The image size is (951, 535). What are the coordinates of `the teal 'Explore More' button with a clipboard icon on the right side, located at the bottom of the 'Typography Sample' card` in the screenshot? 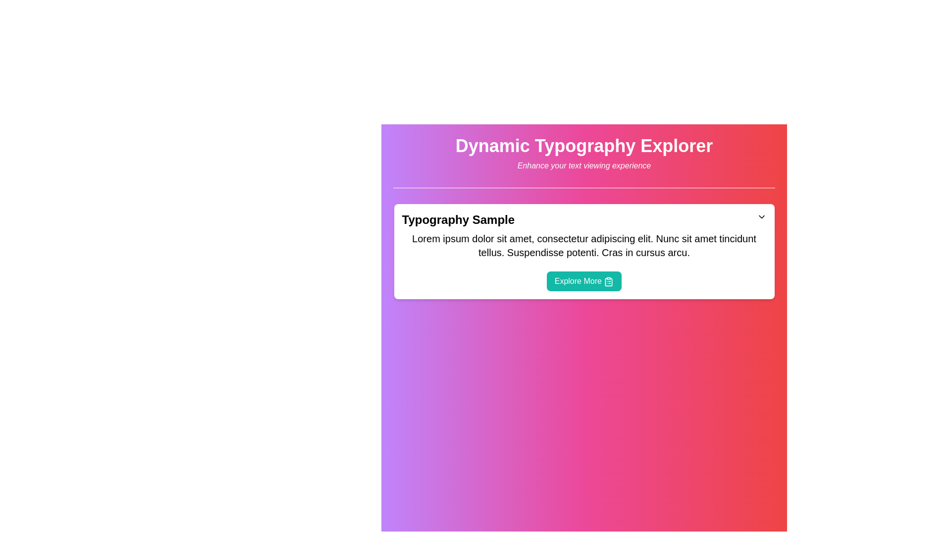 It's located at (584, 281).